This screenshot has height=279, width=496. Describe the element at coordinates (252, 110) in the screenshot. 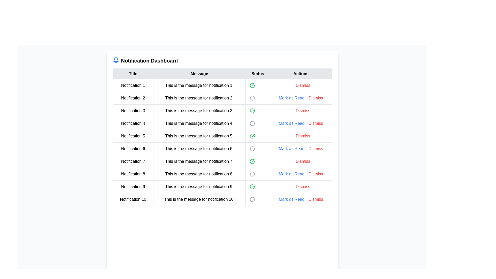

I see `the green circular checkmark icon in the 'Status' column for 'Notification 3' to indicate a positive or completed status` at that location.